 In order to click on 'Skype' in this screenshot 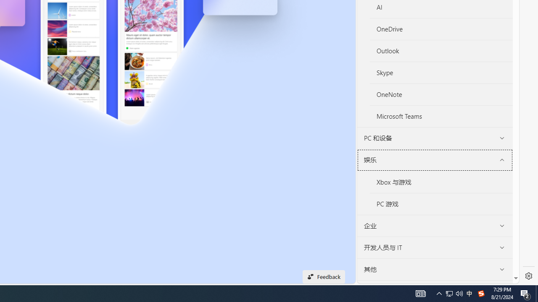, I will do `click(440, 72)`.